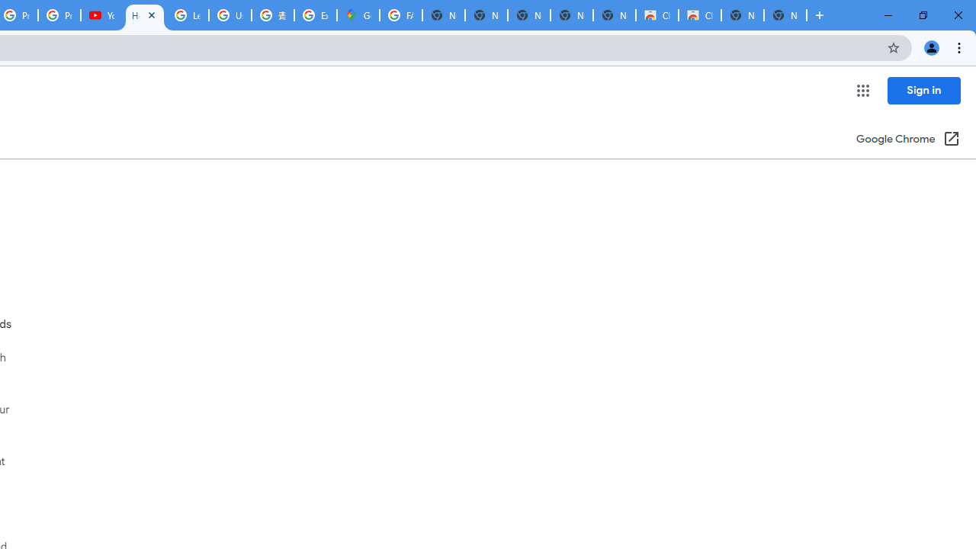 The height and width of the screenshot is (549, 976). I want to click on 'YouTube', so click(101, 15).